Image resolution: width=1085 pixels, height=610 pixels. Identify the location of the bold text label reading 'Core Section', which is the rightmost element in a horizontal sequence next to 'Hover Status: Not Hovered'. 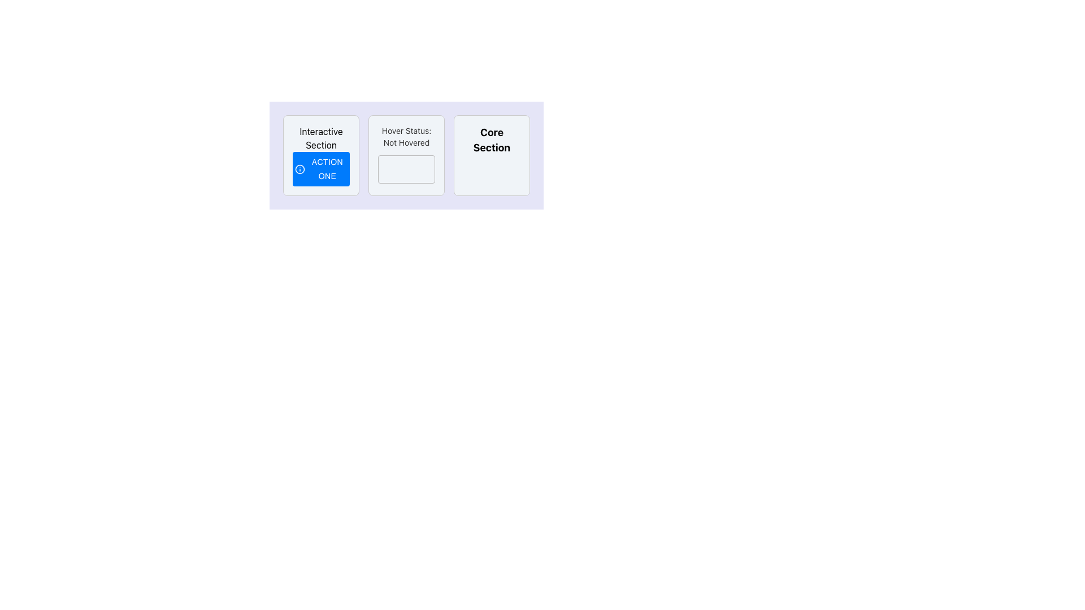
(492, 139).